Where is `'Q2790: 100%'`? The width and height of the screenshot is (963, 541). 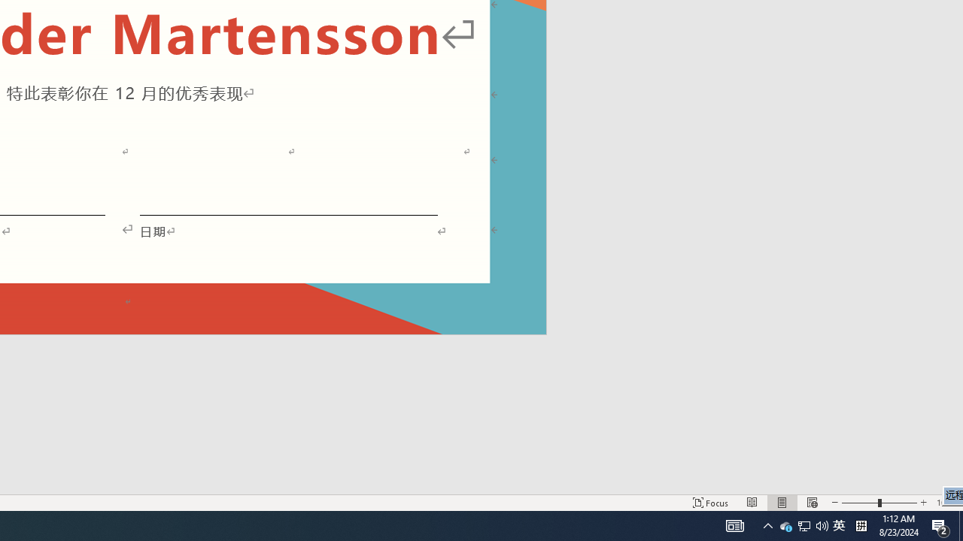
'Q2790: 100%' is located at coordinates (838, 524).